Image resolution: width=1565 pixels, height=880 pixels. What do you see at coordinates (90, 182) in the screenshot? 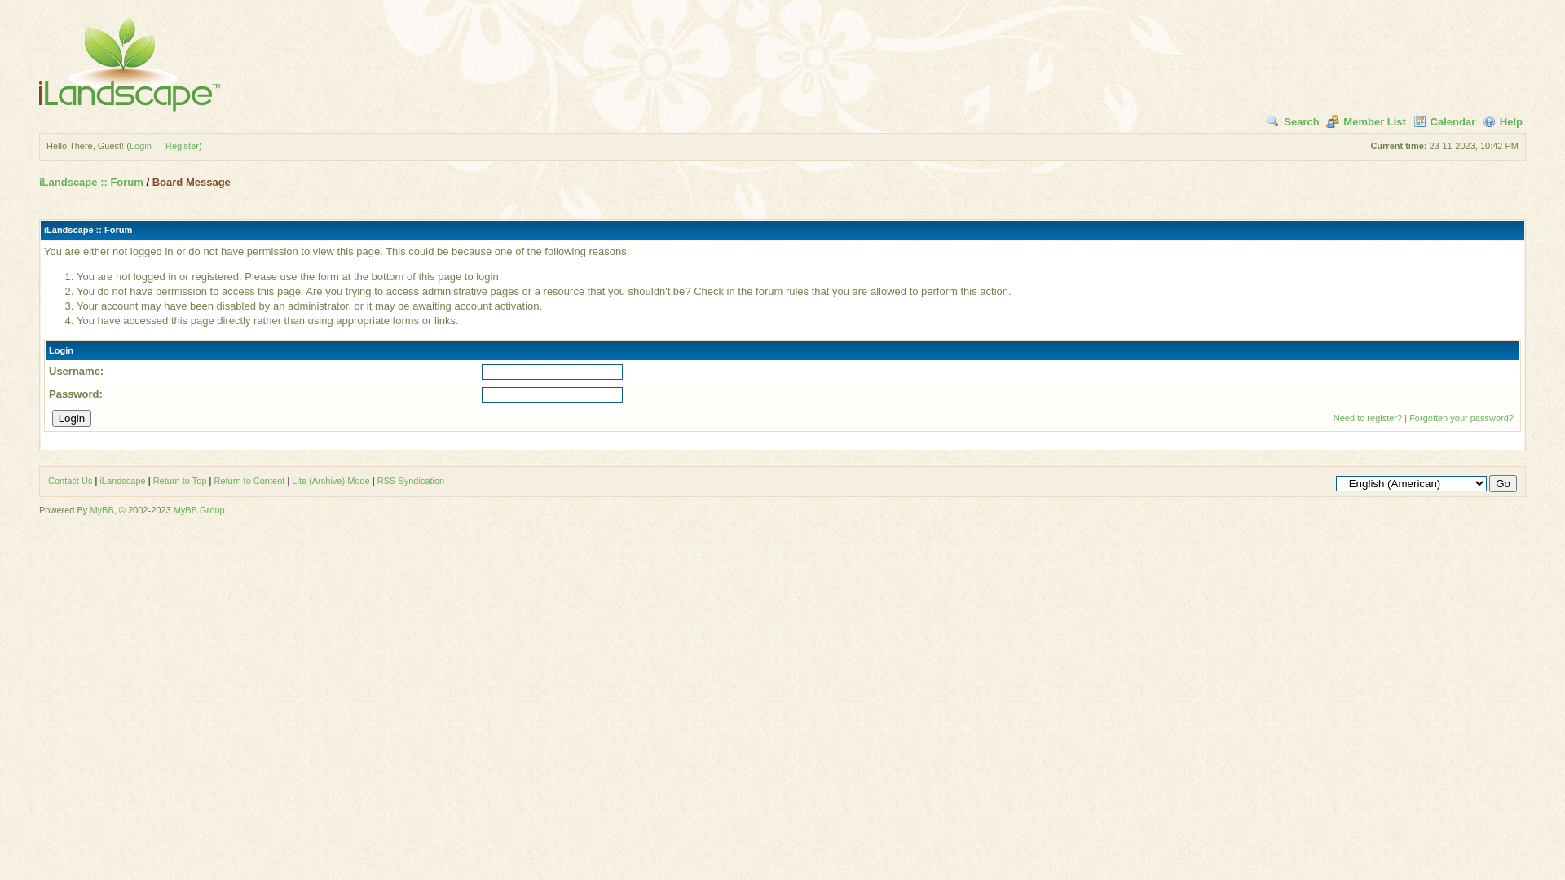
I see `'iLandscape :: Forum'` at bounding box center [90, 182].